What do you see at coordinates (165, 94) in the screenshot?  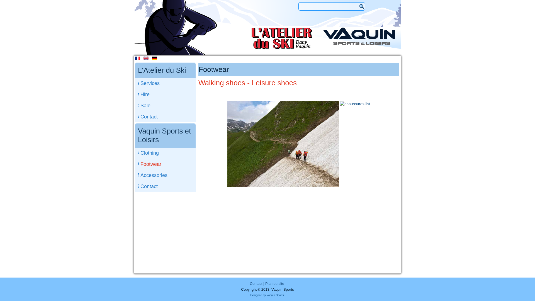 I see `'Hire'` at bounding box center [165, 94].